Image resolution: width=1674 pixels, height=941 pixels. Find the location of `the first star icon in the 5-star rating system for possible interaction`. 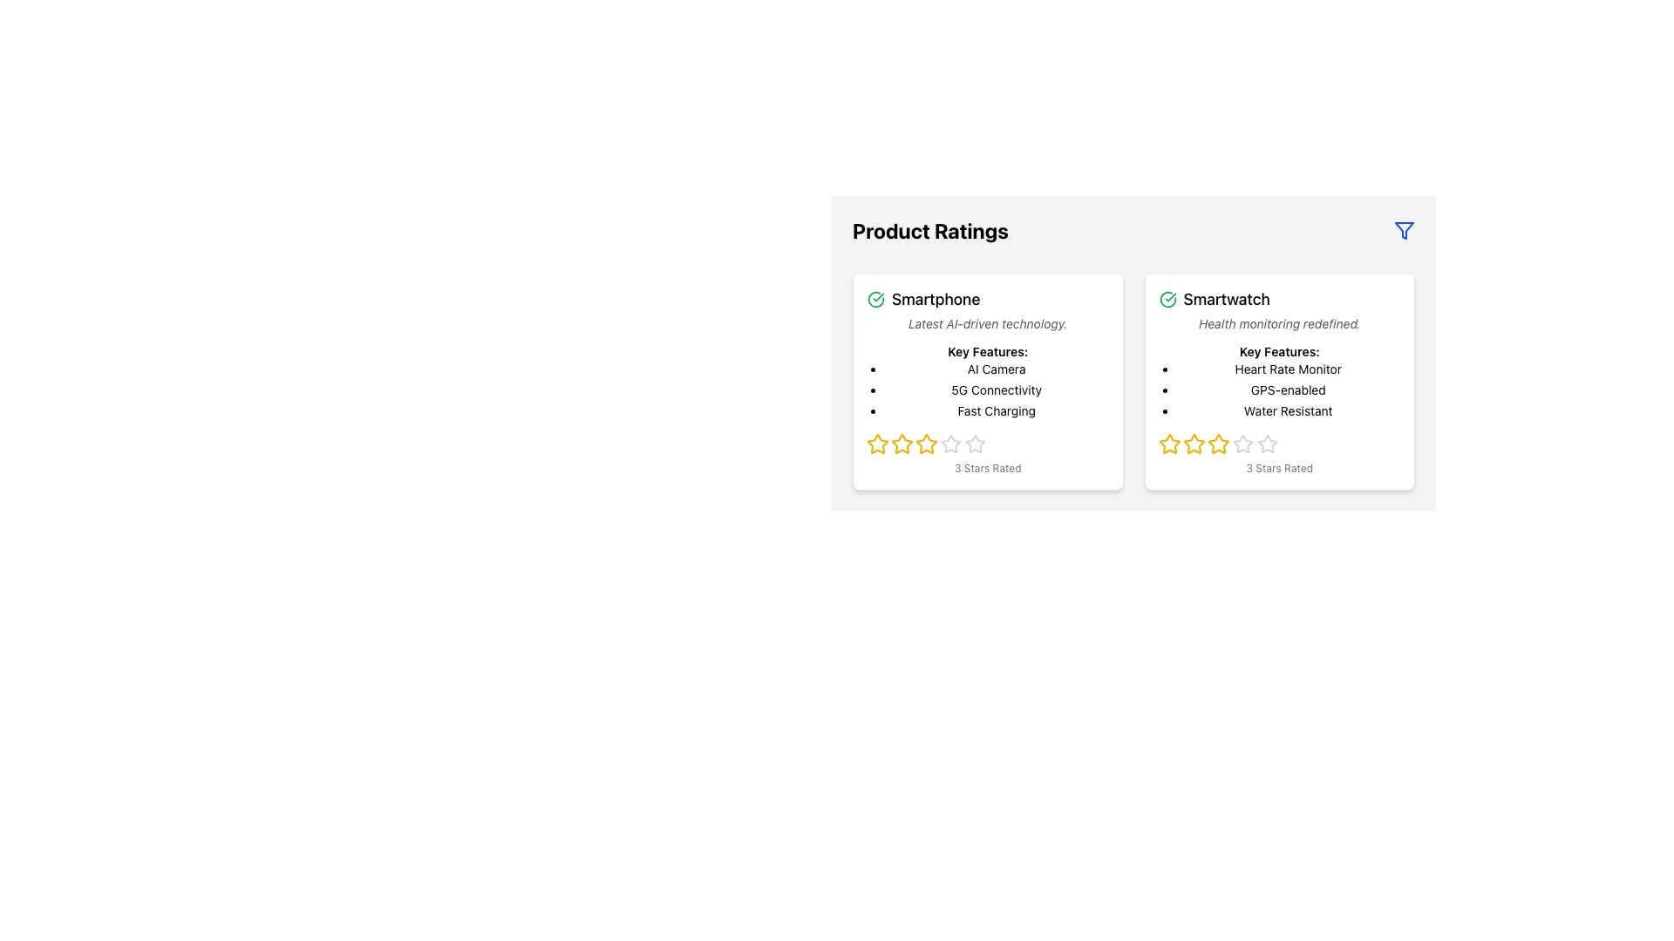

the first star icon in the 5-star rating system for possible interaction is located at coordinates (878, 443).